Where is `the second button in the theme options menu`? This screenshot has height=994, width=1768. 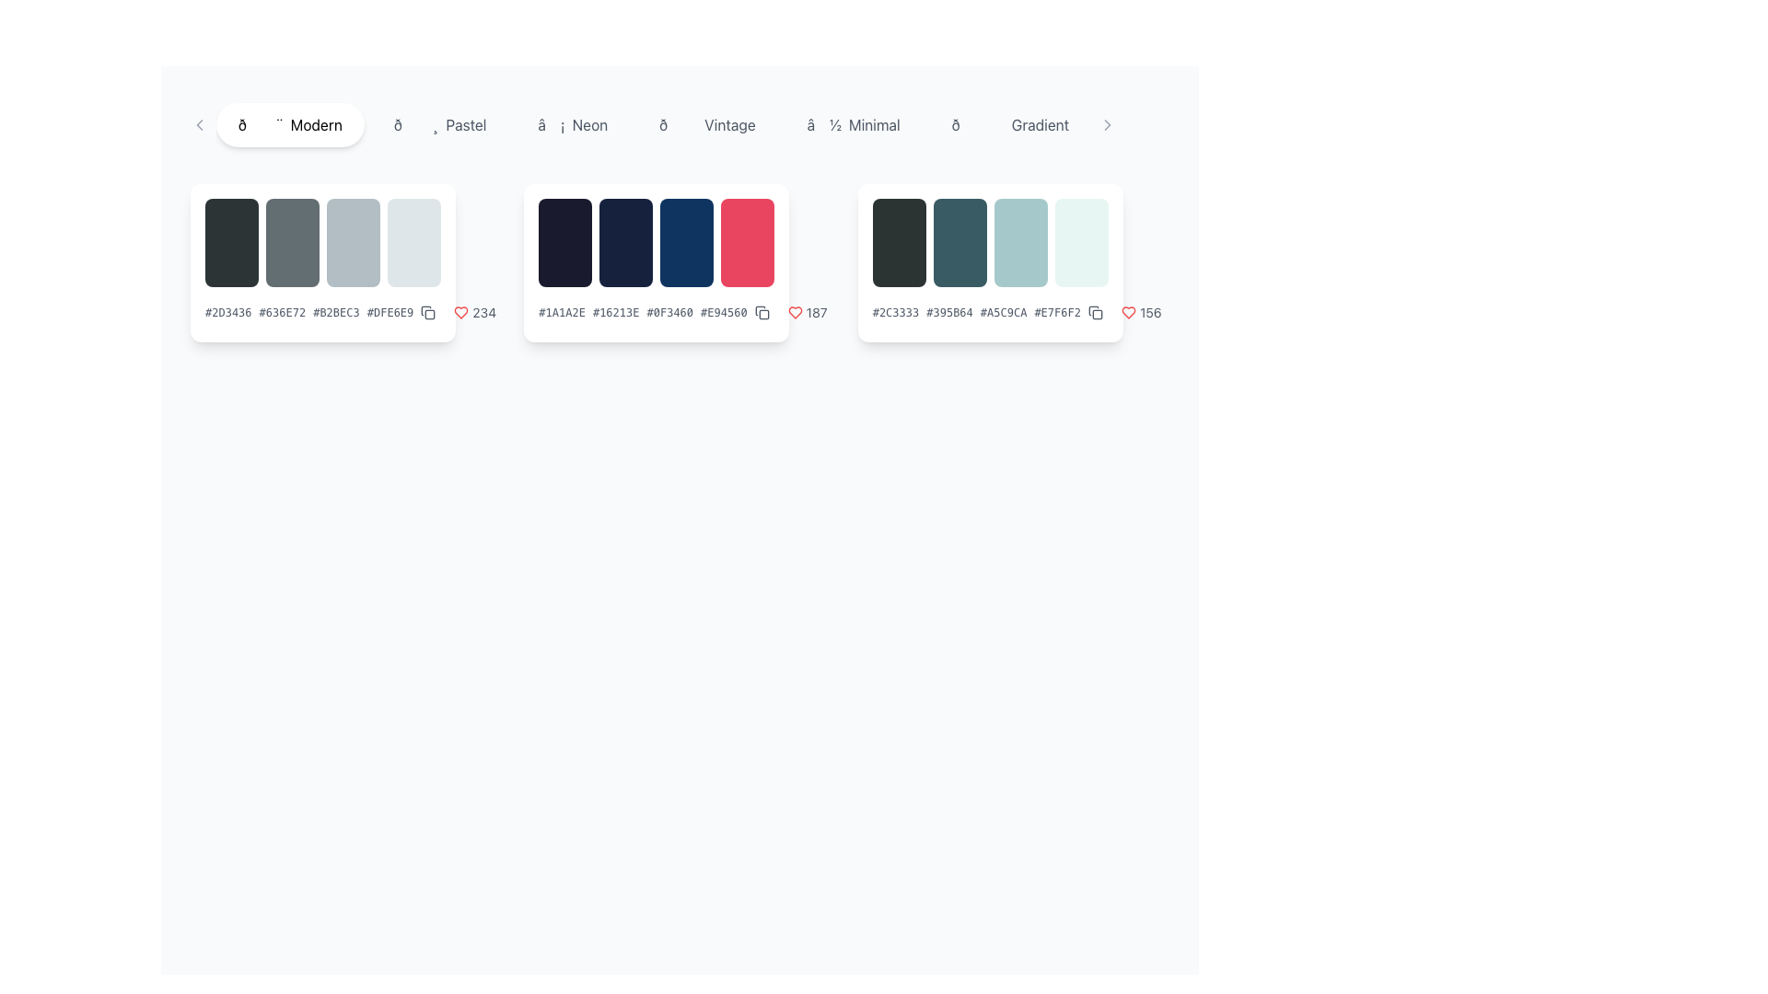 the second button in the theme options menu is located at coordinates (439, 124).